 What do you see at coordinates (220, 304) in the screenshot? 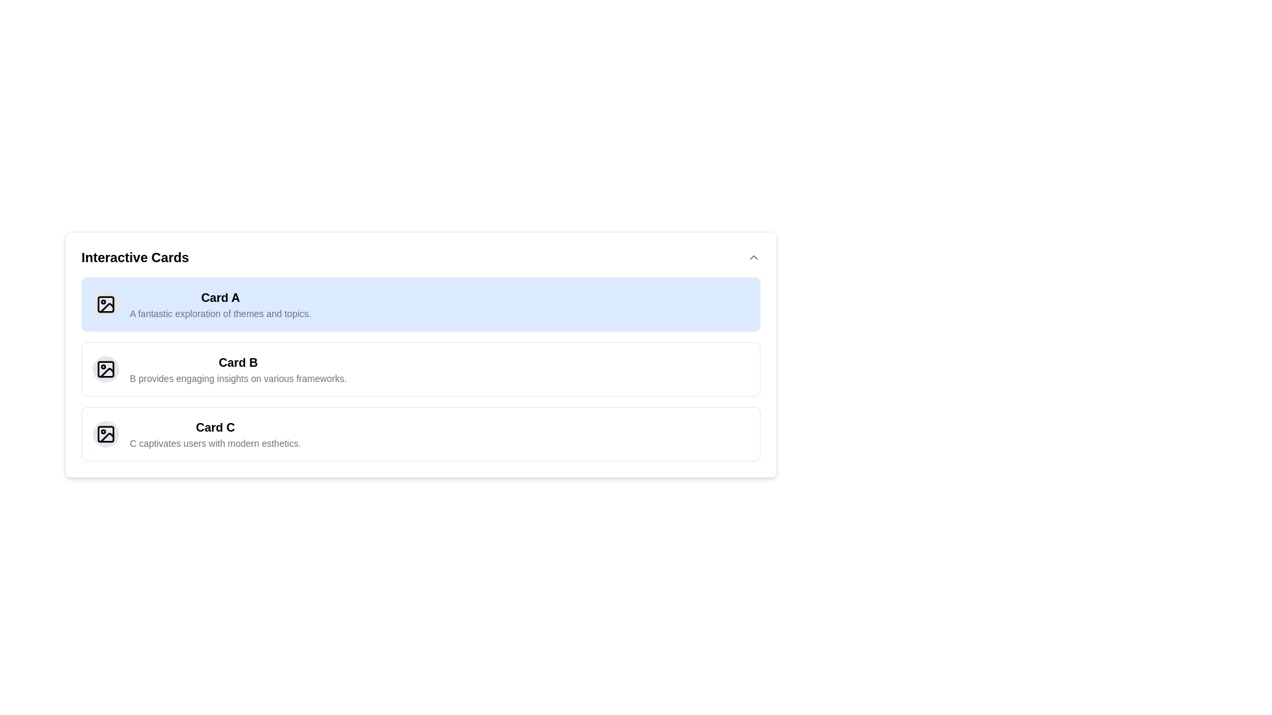
I see `the text 'Card A' and 'A fantastic exploration of themes and topics.' in the textual content block of the first card for copying` at bounding box center [220, 304].